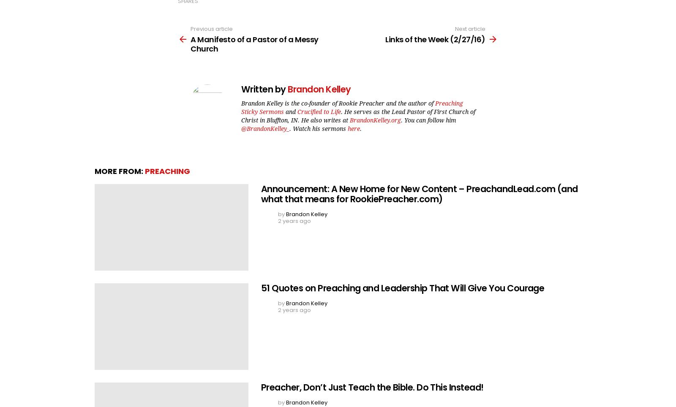 The height and width of the screenshot is (407, 676). Describe the element at coordinates (289, 128) in the screenshot. I see `'. Watch his sermons'` at that location.